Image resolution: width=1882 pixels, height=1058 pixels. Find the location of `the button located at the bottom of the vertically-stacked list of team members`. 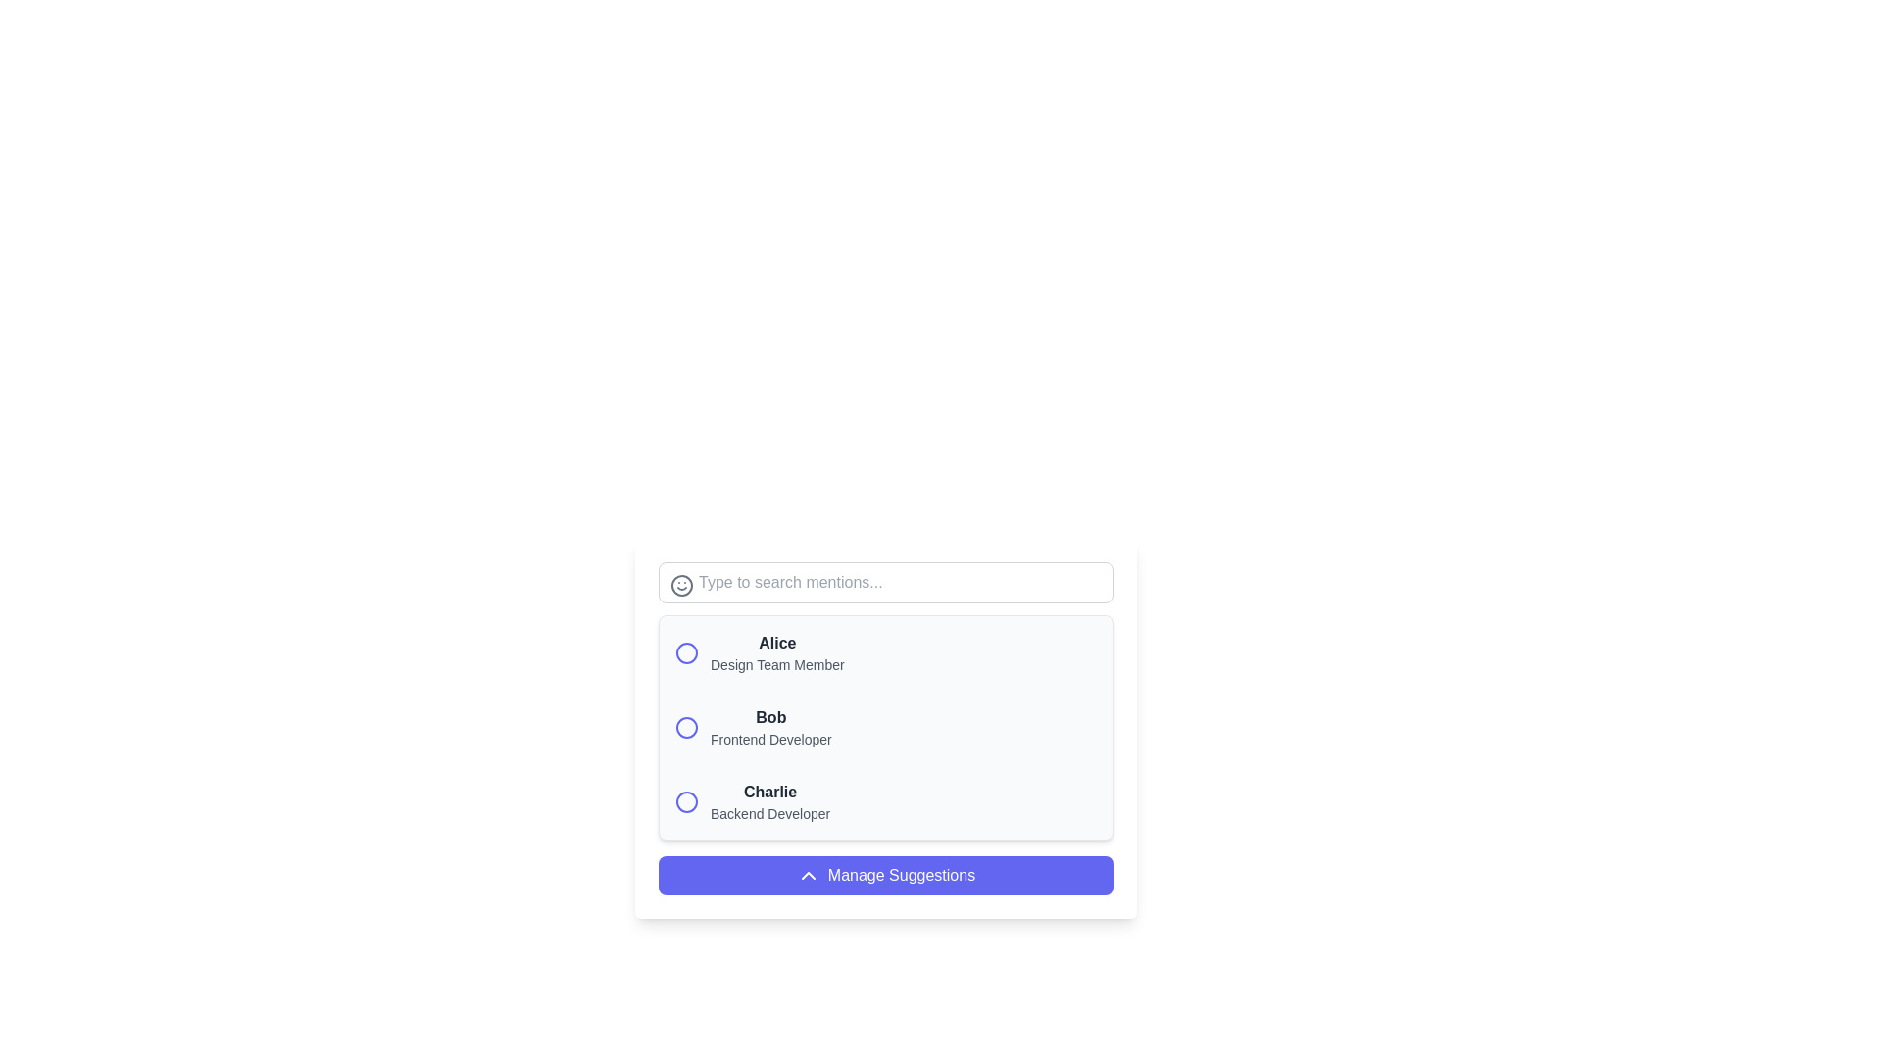

the button located at the bottom of the vertically-stacked list of team members is located at coordinates (884, 875).